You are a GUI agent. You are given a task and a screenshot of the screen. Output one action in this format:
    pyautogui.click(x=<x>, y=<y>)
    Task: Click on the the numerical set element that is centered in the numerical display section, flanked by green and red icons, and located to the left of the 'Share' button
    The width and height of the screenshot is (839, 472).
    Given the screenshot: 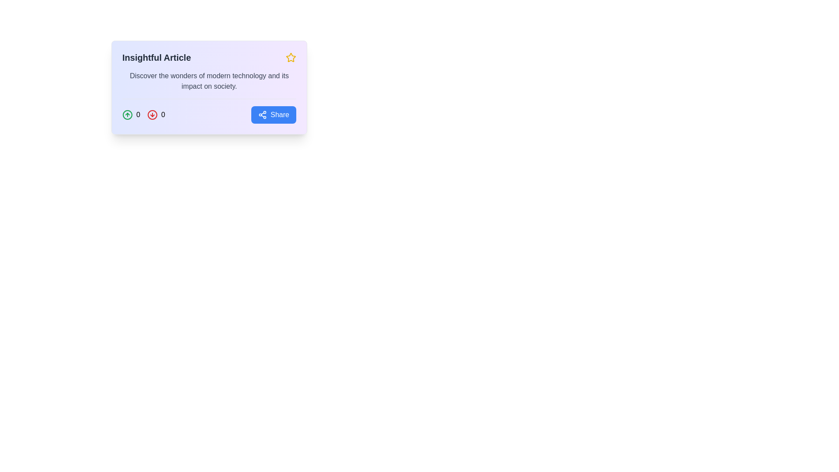 What is the action you would take?
    pyautogui.click(x=143, y=114)
    